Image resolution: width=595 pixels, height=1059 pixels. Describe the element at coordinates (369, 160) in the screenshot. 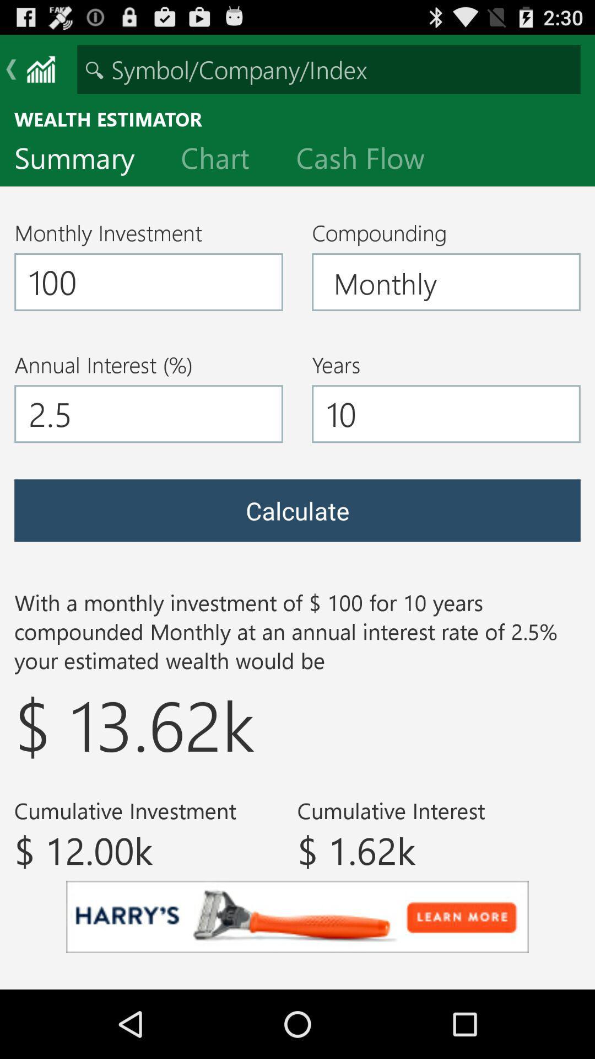

I see `the item below the wealth estimator icon` at that location.